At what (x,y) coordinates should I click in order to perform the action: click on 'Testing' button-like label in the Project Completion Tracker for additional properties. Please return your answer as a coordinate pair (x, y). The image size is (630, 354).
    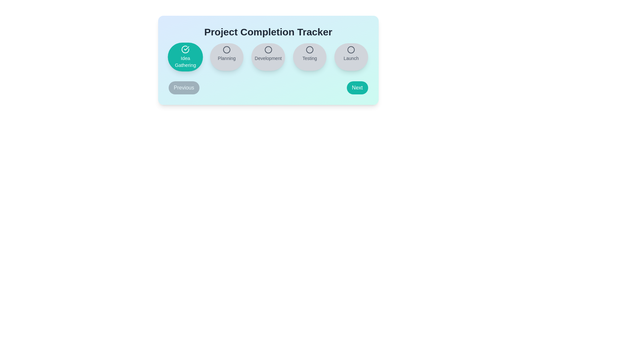
    Looking at the image, I should click on (309, 56).